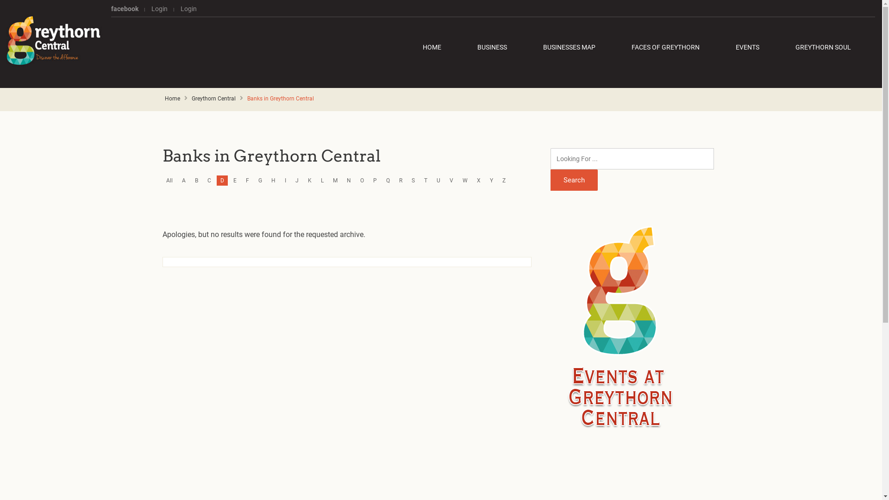  What do you see at coordinates (491, 180) in the screenshot?
I see `'Y'` at bounding box center [491, 180].